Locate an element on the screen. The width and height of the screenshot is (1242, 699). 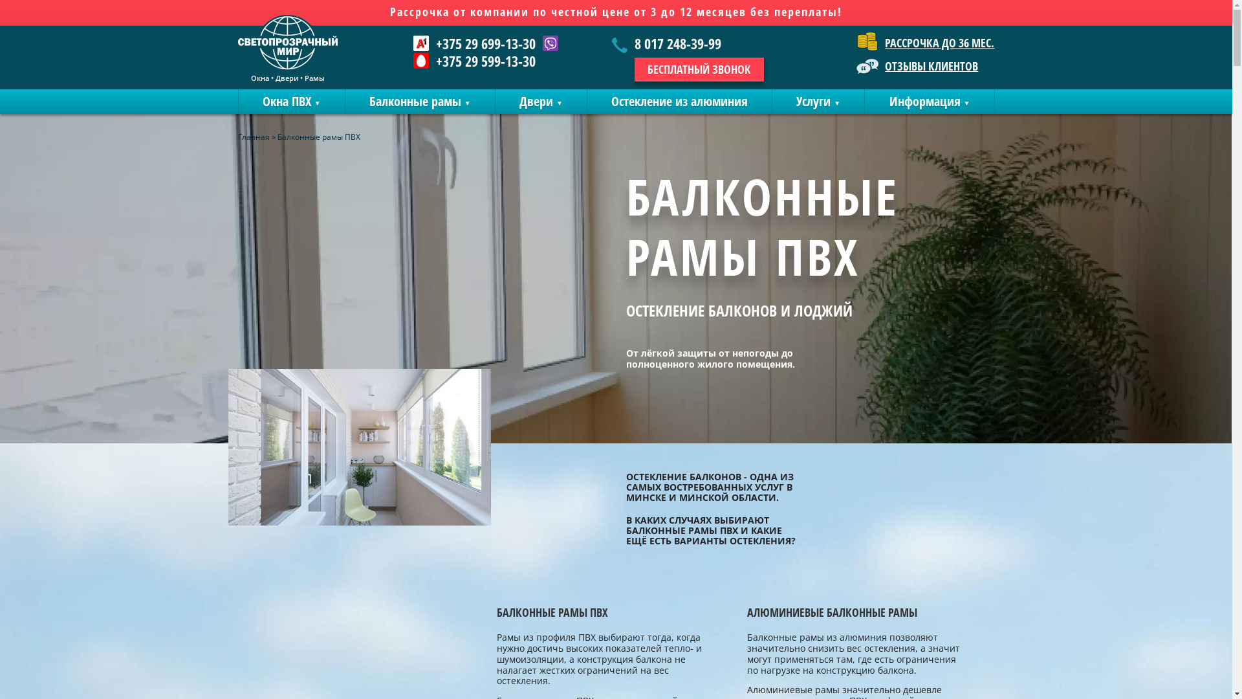
'+375 29 699-13-30' is located at coordinates (412, 42).